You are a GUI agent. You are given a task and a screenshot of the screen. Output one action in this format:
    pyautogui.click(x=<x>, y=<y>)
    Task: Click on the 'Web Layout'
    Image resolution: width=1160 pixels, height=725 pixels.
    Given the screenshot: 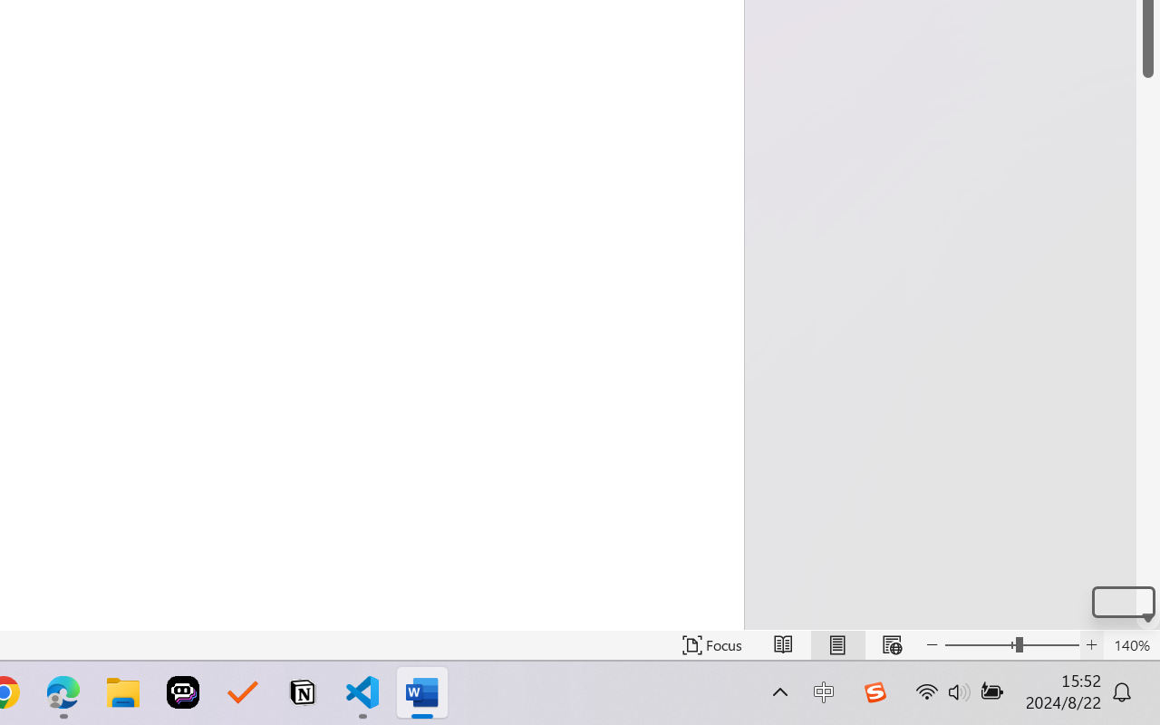 What is the action you would take?
    pyautogui.click(x=892, y=644)
    